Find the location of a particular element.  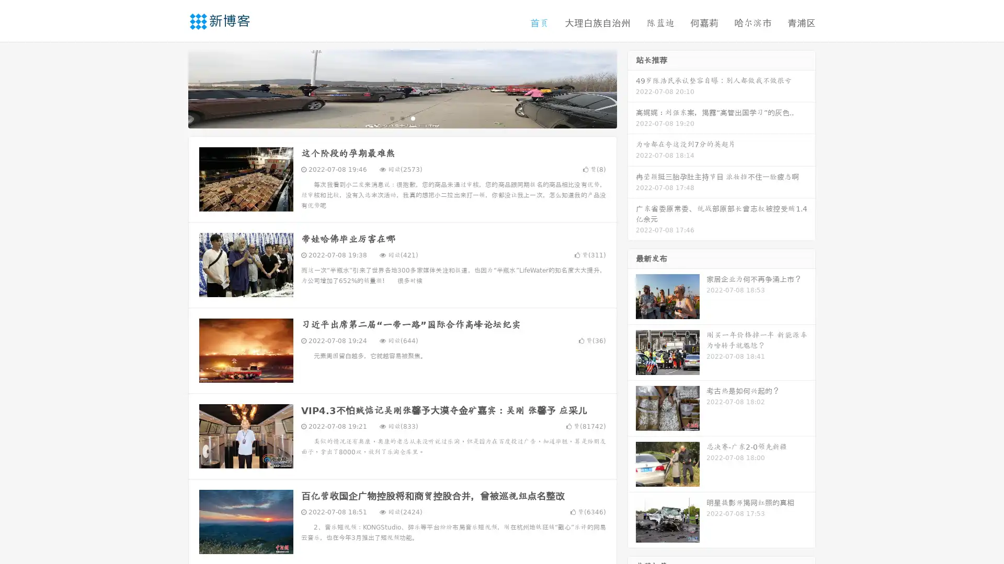

Go to slide 3 is located at coordinates (413, 118).